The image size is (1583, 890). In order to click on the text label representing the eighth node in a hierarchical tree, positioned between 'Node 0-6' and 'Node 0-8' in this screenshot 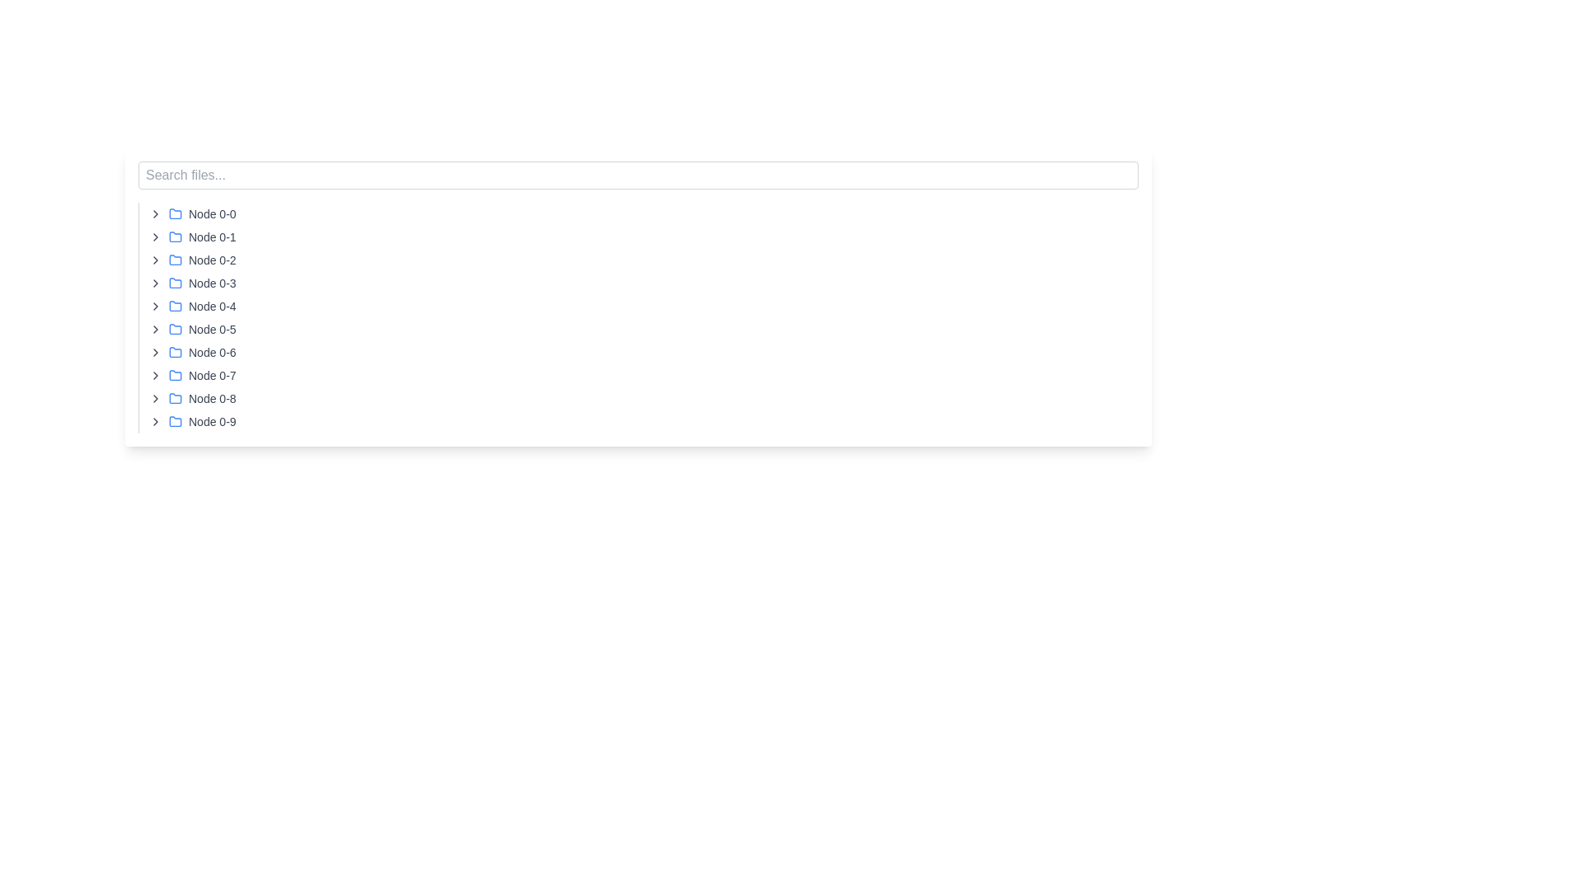, I will do `click(211, 375)`.